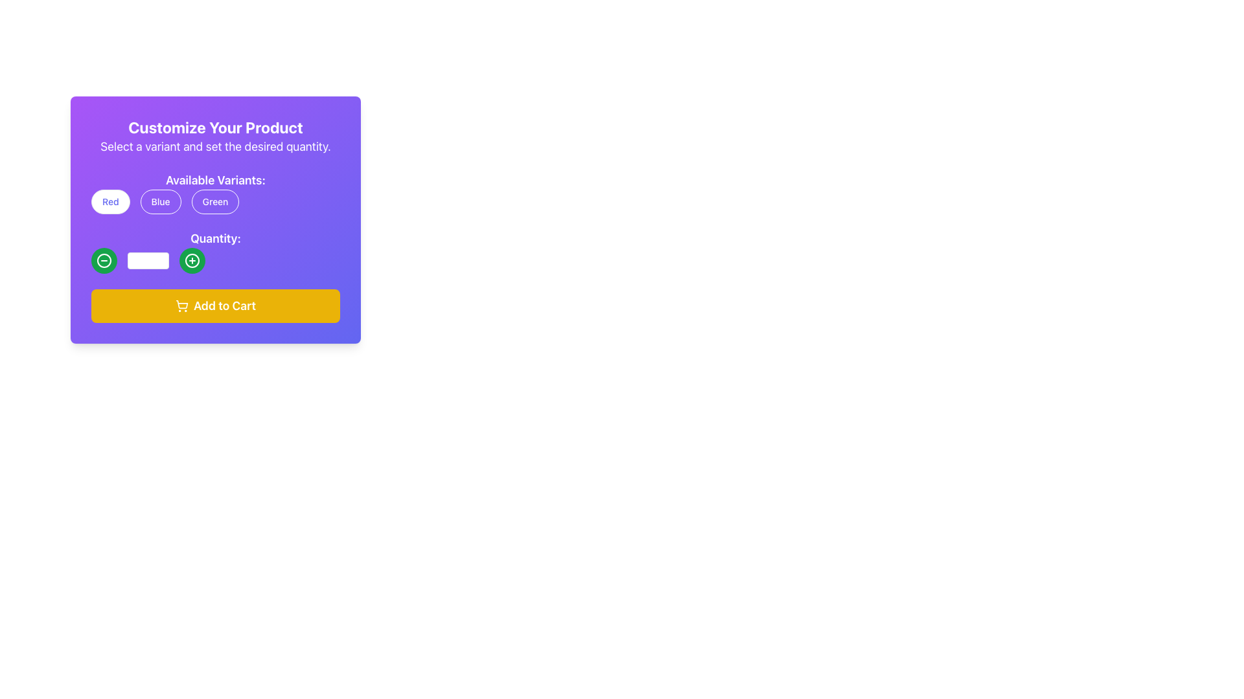 This screenshot has height=699, width=1244. I want to click on the increment button located on the right side of the 'Quantity' section to increase the quantity value, so click(192, 260).